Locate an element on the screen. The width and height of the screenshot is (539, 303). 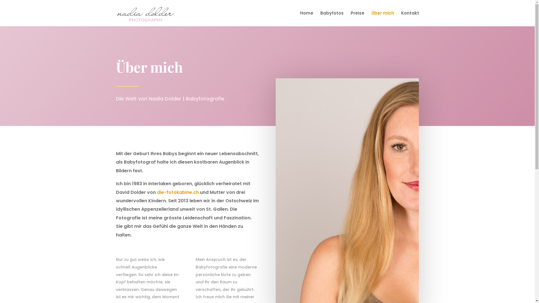
'Babyfotos' is located at coordinates (320, 18).